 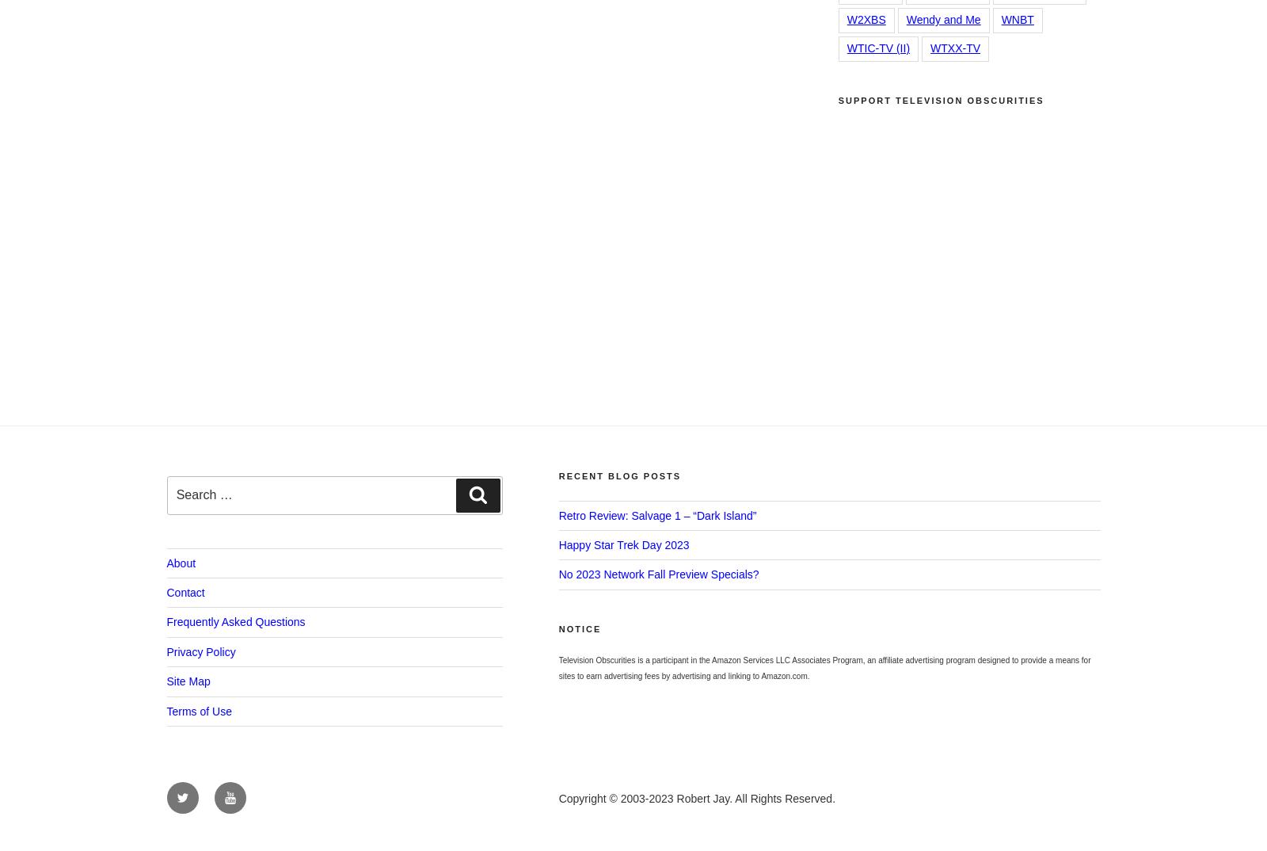 I want to click on 'No 2023 Network Fall Preview Specials?', so click(x=657, y=574).